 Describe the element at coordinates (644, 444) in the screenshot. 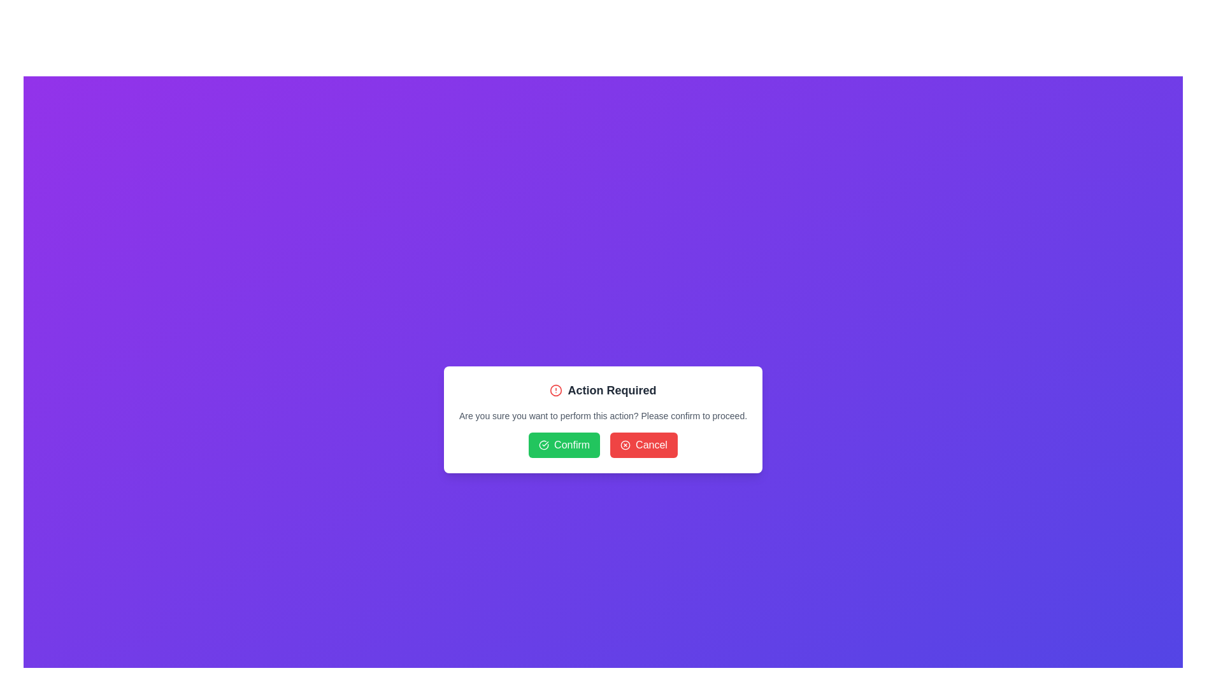

I see `the red 'Cancel' button with white text and an 'x' icon located on the right side of the green 'Confirm' button in the dialog box` at that location.